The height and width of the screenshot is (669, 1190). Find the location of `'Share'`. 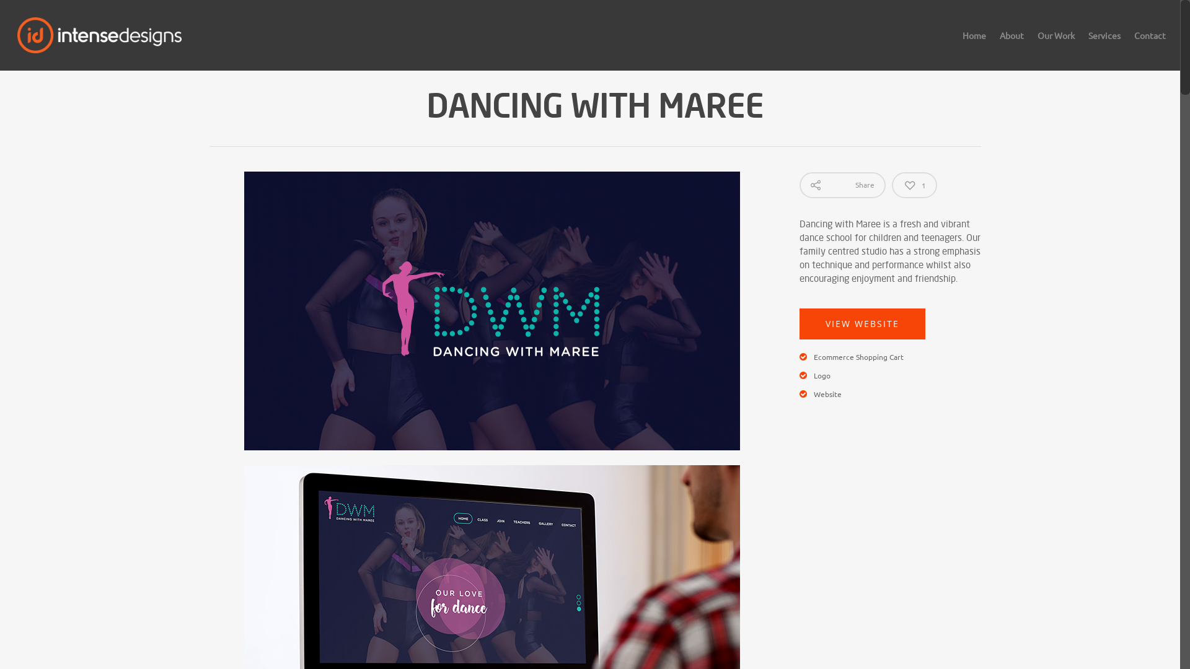

'Share' is located at coordinates (842, 185).